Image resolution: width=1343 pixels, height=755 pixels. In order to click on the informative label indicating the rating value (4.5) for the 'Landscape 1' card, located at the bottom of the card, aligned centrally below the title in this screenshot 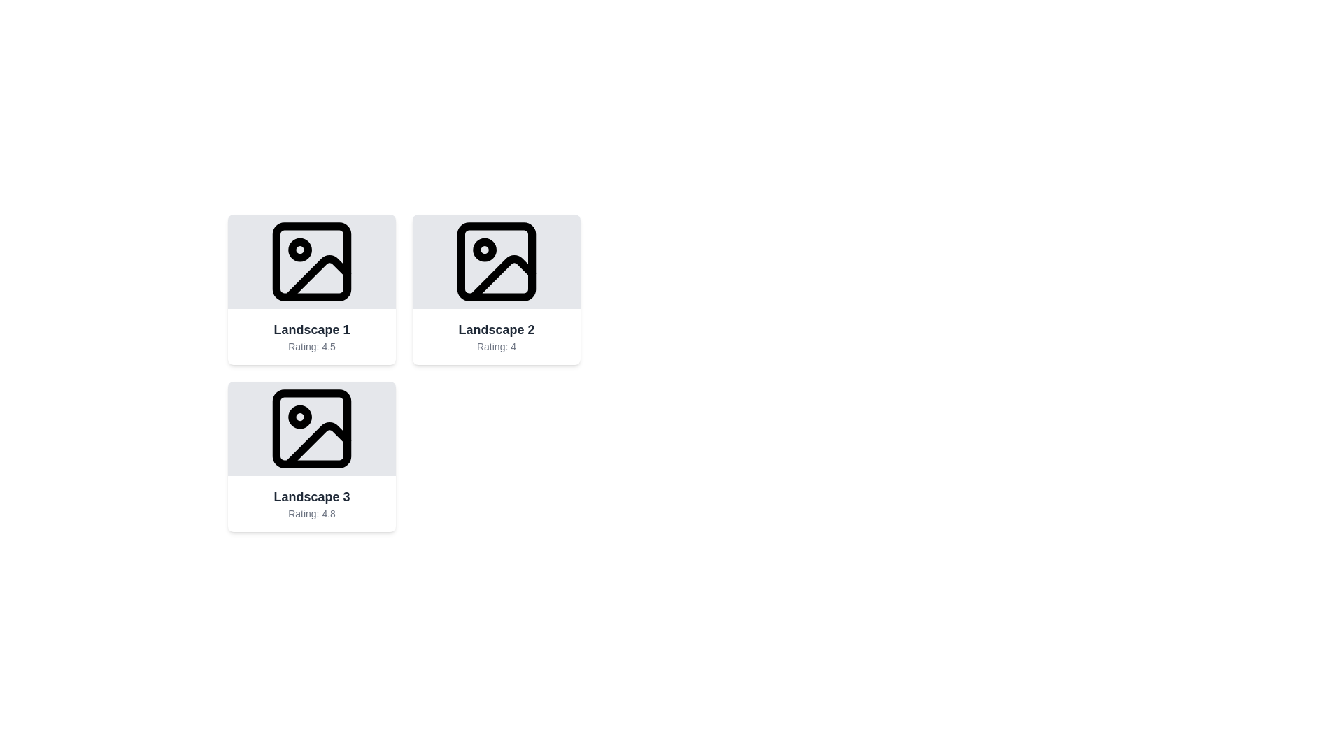, I will do `click(311, 346)`.